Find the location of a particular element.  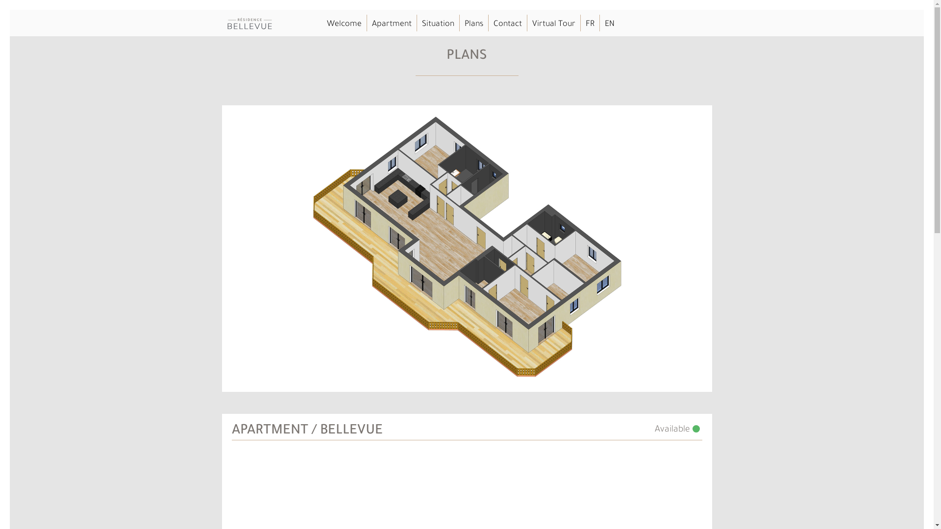

'Welcome' is located at coordinates (344, 24).